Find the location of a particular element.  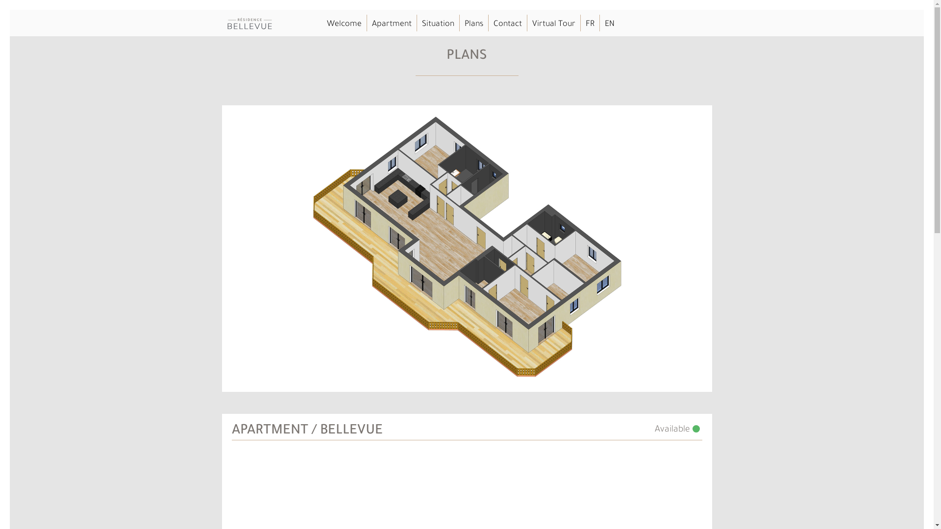

'Welcome' is located at coordinates (344, 24).